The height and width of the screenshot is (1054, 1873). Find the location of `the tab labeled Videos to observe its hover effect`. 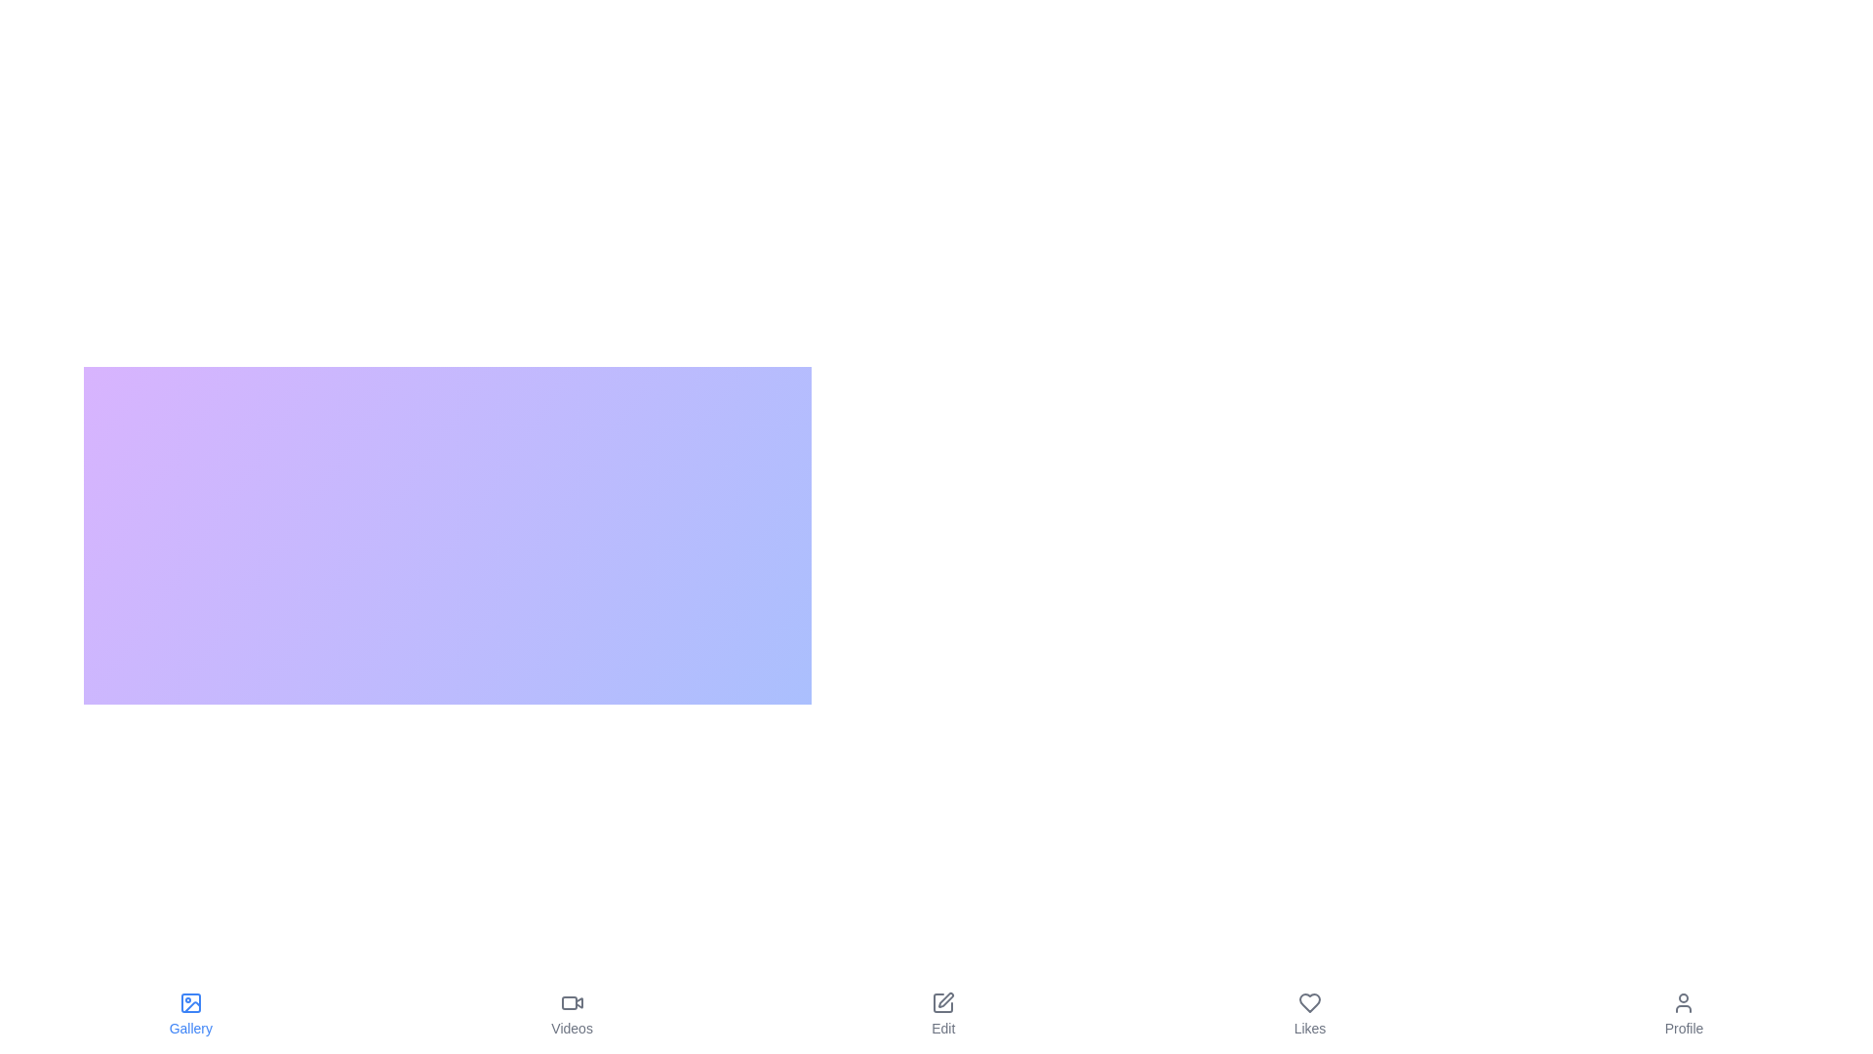

the tab labeled Videos to observe its hover effect is located at coordinates (570, 1014).